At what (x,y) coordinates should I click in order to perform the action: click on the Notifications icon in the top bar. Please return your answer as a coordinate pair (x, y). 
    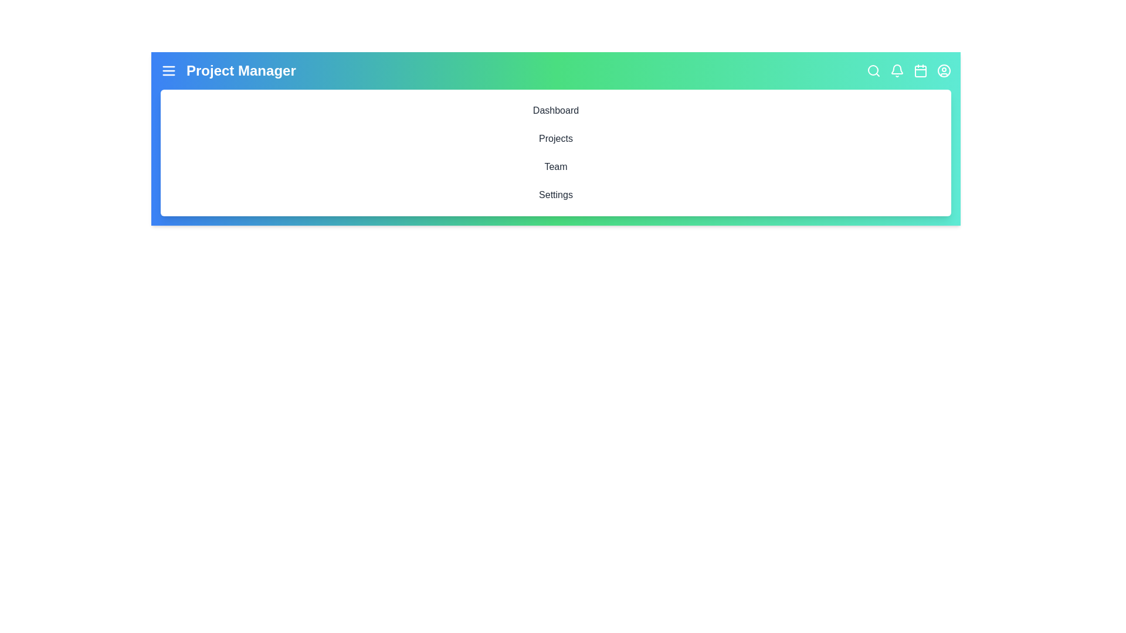
    Looking at the image, I should click on (897, 70).